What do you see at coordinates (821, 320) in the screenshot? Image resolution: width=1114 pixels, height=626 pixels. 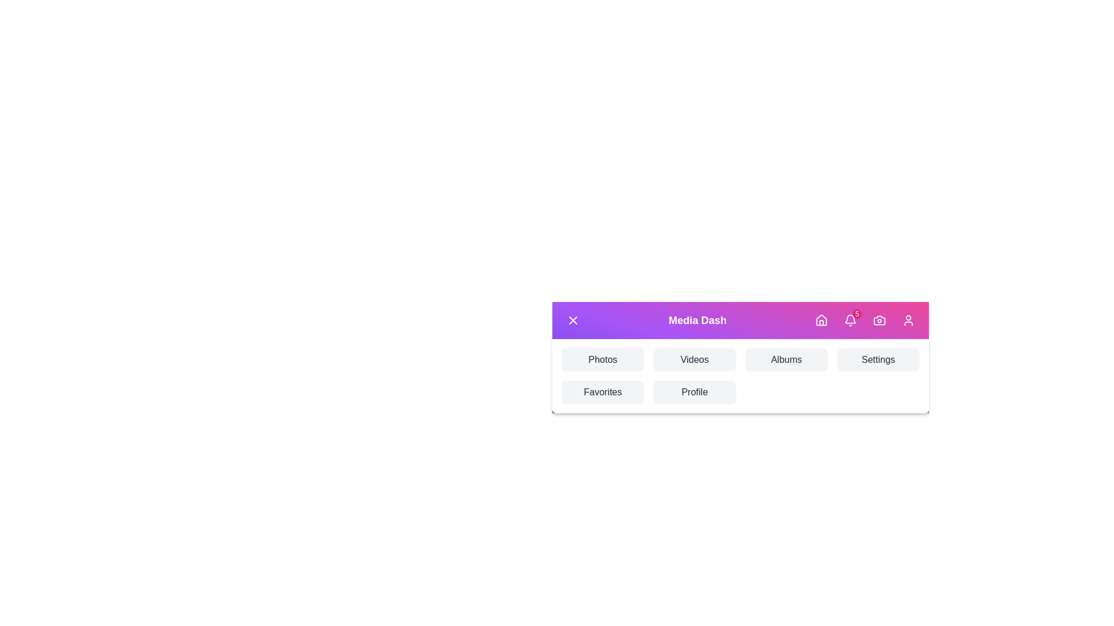 I see `the Home icon in the VibrantMediaAppBar` at bounding box center [821, 320].